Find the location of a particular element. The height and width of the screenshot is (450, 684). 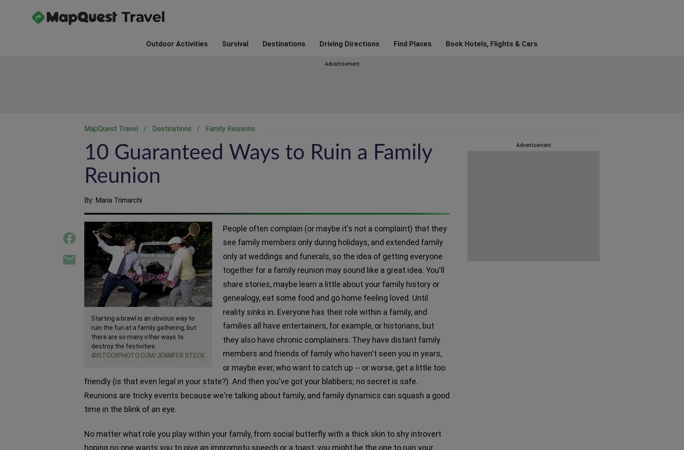

'People often complain (or maybe it's not a complaint) that they see family members only during holidays, and extended family only at weddings and funerals, so the idea of getting everyone together for a family reunion may sound like a great idea. You'll share stories, maybe learn a little about your family history or genealogy, eat some food and go home feeling loved. Until reality sinks in. Everyone has their role within a family, and families all have entertainers, for example, or historians, but they also have chronic complainers. They have distant family members and friends of family who haven't seen you in years, or maybe ever, who want to catch up -- or worse, get a little too friendly (is that even legal in your state?). And then you've got your blabbers; no secret is safe. Reunions are tricky events because we're talking about family, and family dynamics can squash a good time in the blink of an eye.' is located at coordinates (267, 318).